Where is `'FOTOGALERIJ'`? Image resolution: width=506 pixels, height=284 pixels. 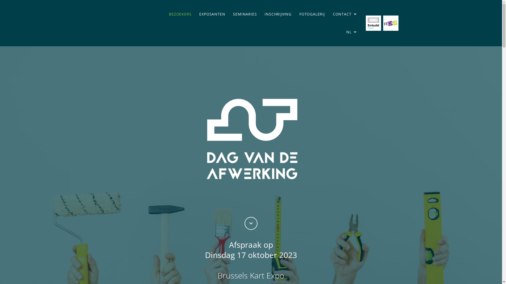
'FOTOGALERIJ' is located at coordinates (312, 14).